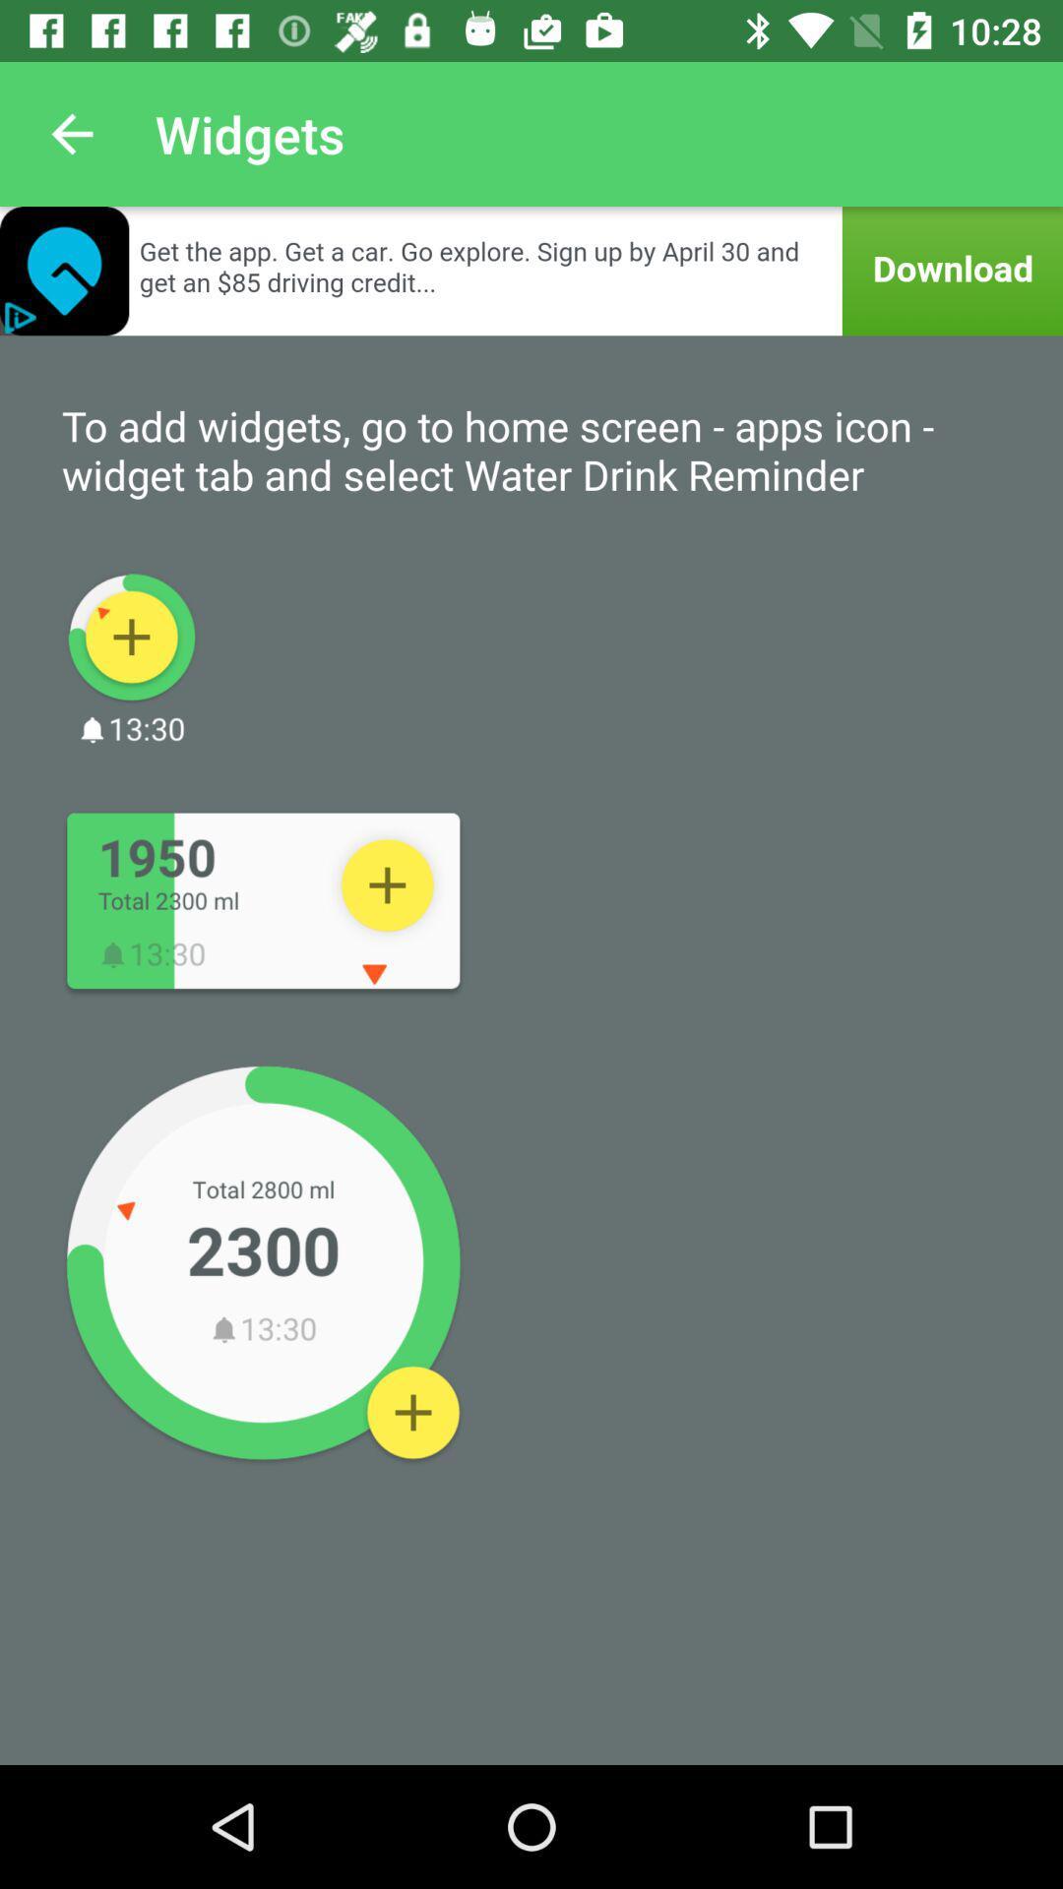 Image resolution: width=1063 pixels, height=1889 pixels. What do you see at coordinates (531, 270) in the screenshot?
I see `open advertisement` at bounding box center [531, 270].